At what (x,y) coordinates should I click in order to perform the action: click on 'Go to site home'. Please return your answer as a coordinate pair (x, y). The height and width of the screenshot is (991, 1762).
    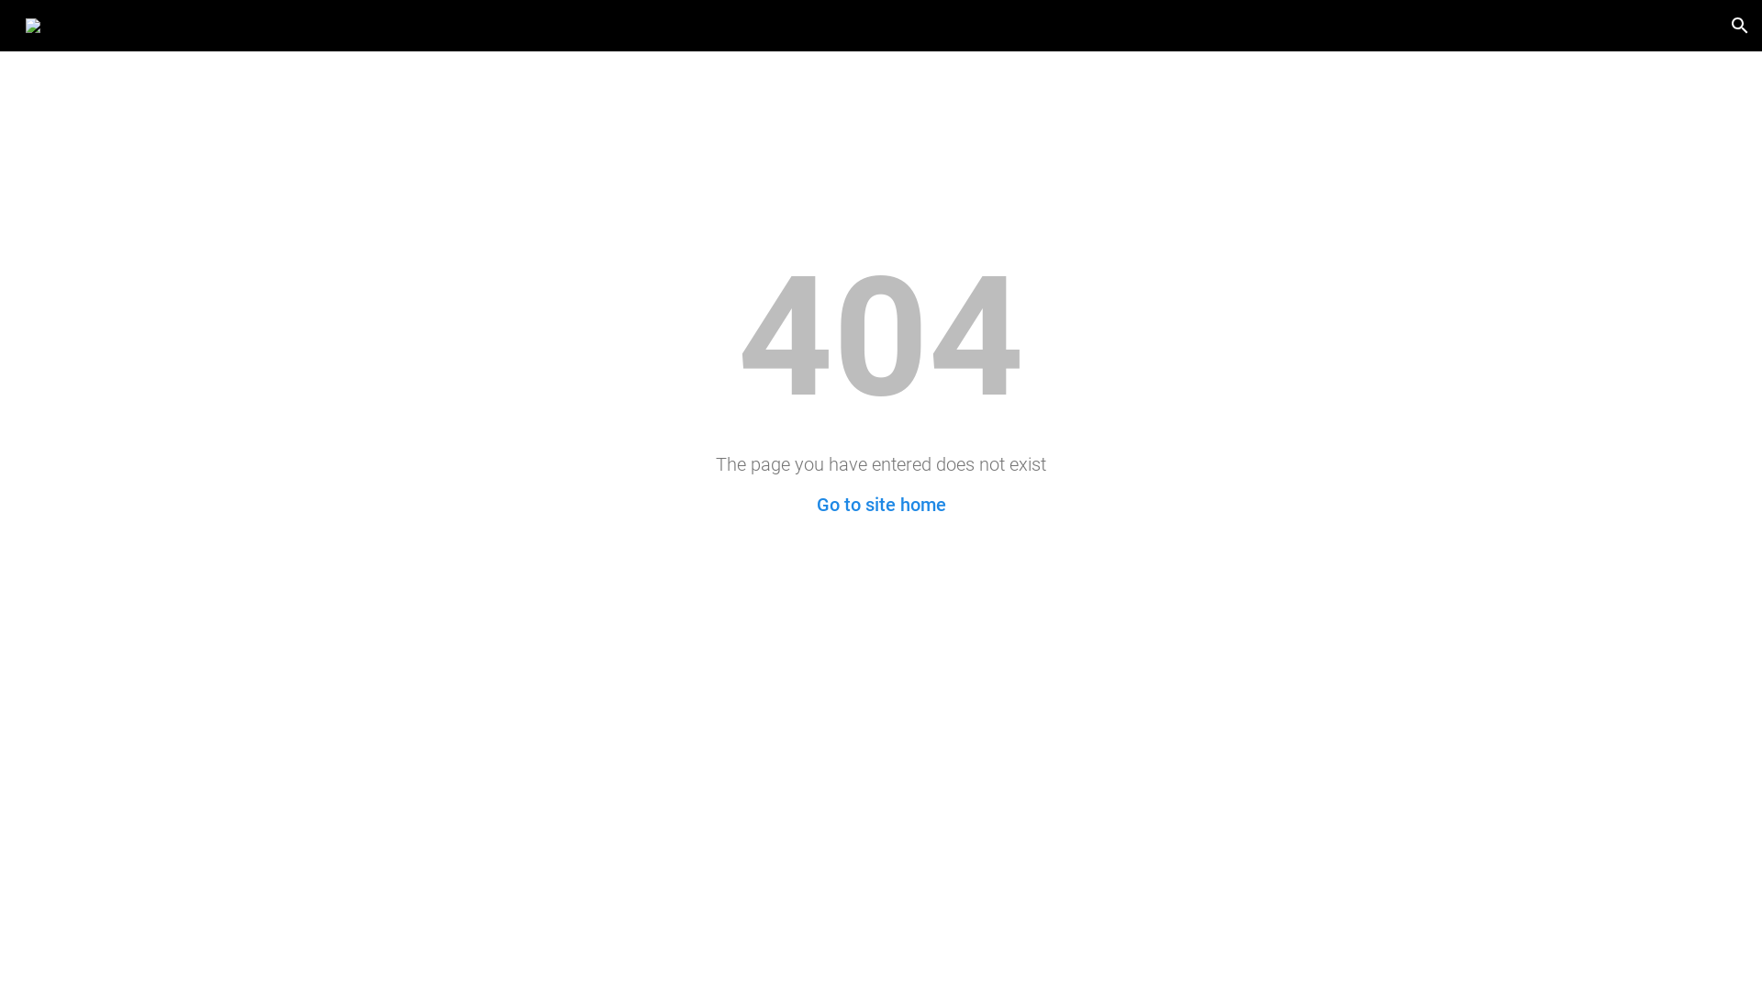
    Looking at the image, I should click on (815, 505).